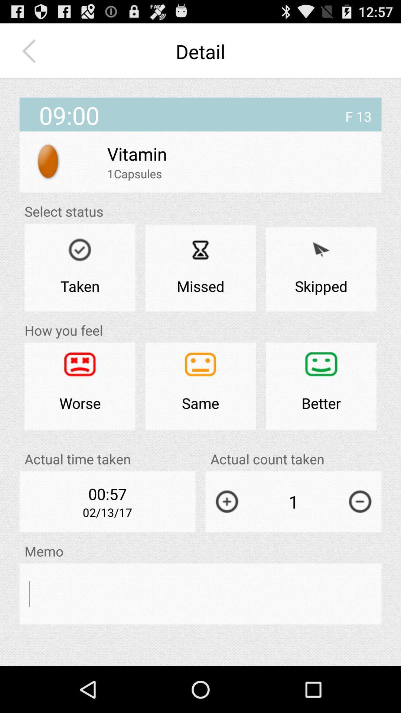  Describe the element at coordinates (226, 537) in the screenshot. I see `the add icon` at that location.